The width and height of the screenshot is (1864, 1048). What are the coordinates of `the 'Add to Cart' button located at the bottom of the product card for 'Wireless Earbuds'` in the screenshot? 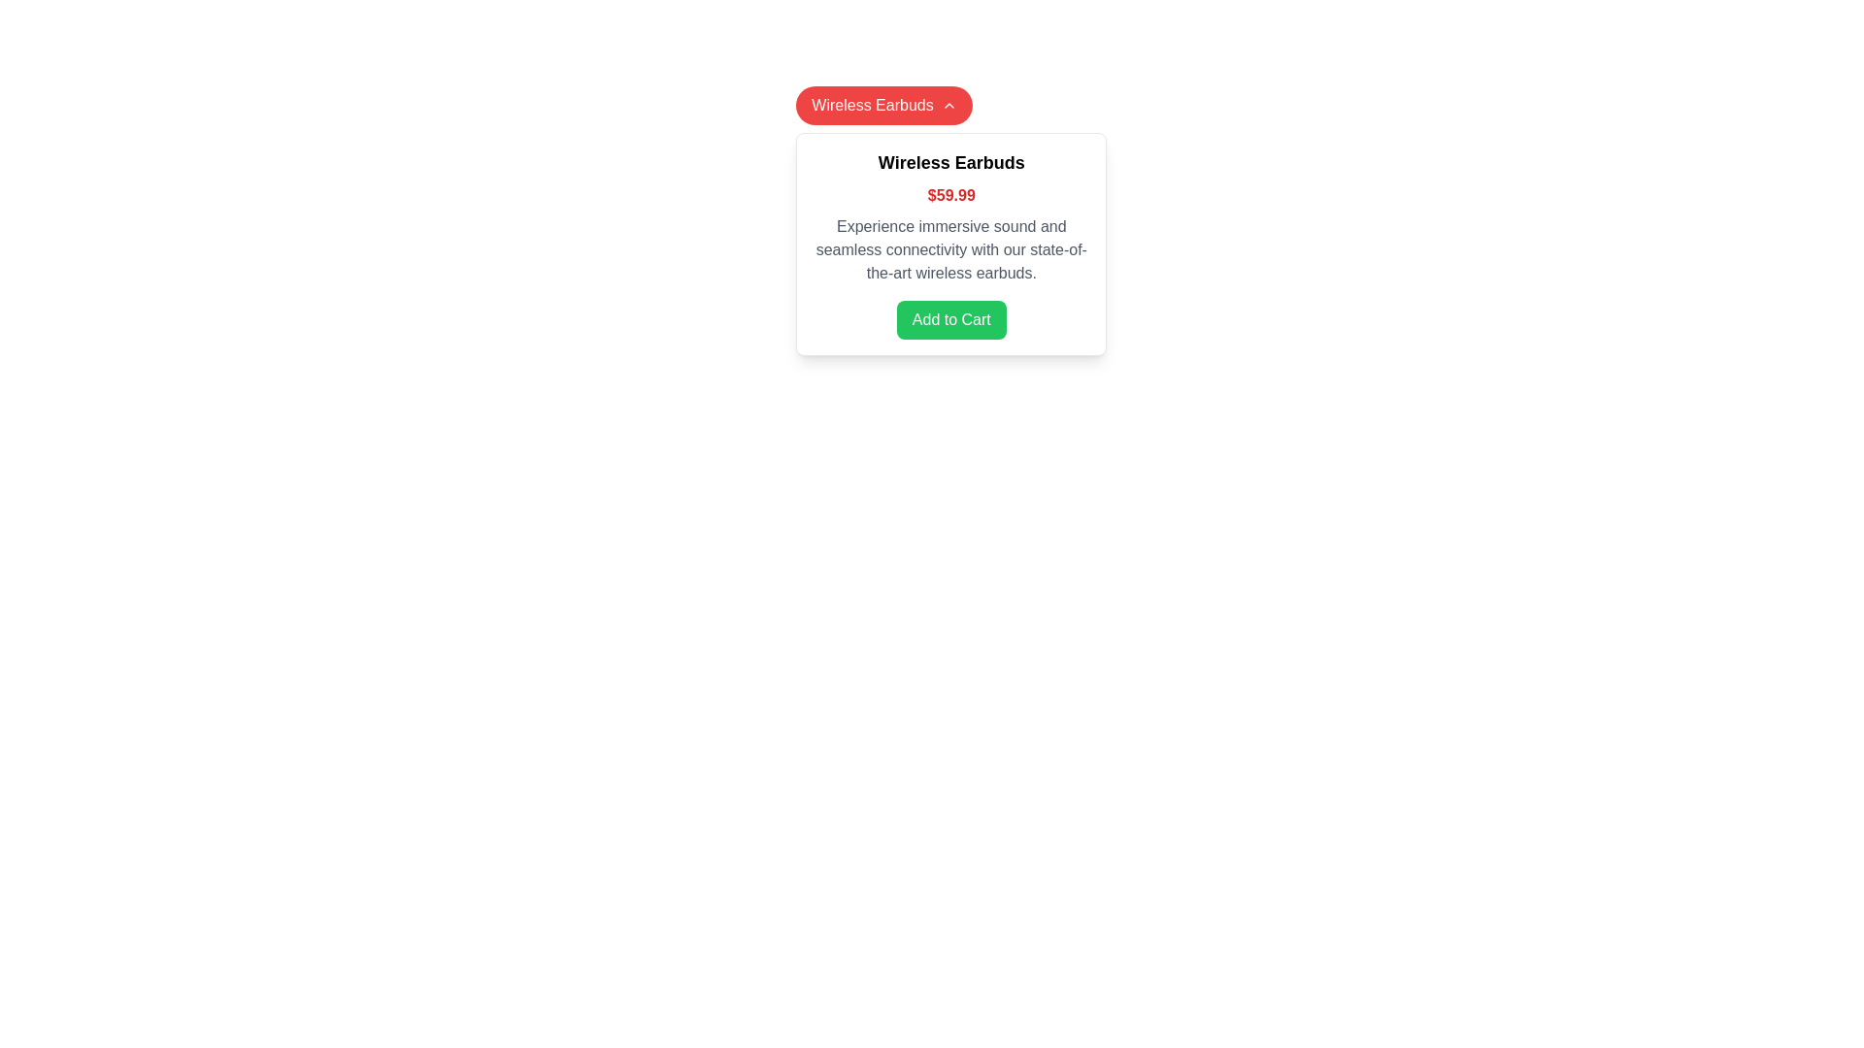 It's located at (951, 319).